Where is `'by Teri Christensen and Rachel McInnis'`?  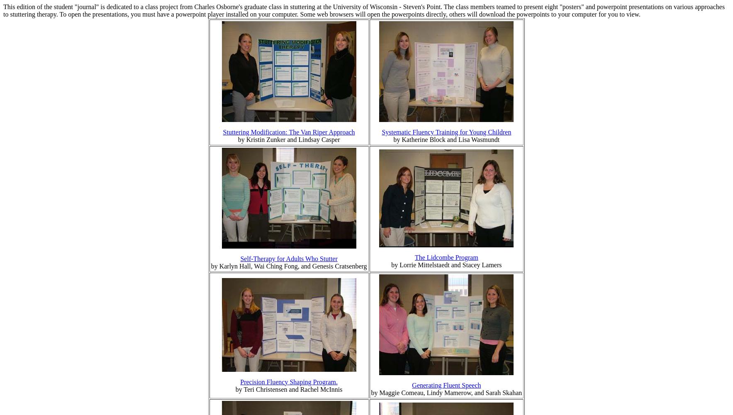 'by Teri Christensen and Rachel McInnis' is located at coordinates (235, 389).